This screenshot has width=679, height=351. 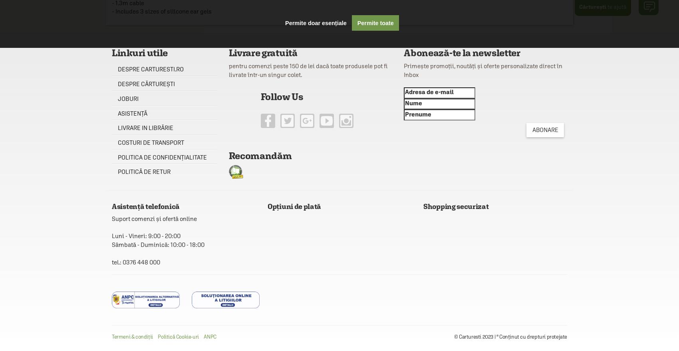 What do you see at coordinates (592, 6) in the screenshot?
I see `'Cărturești'` at bounding box center [592, 6].